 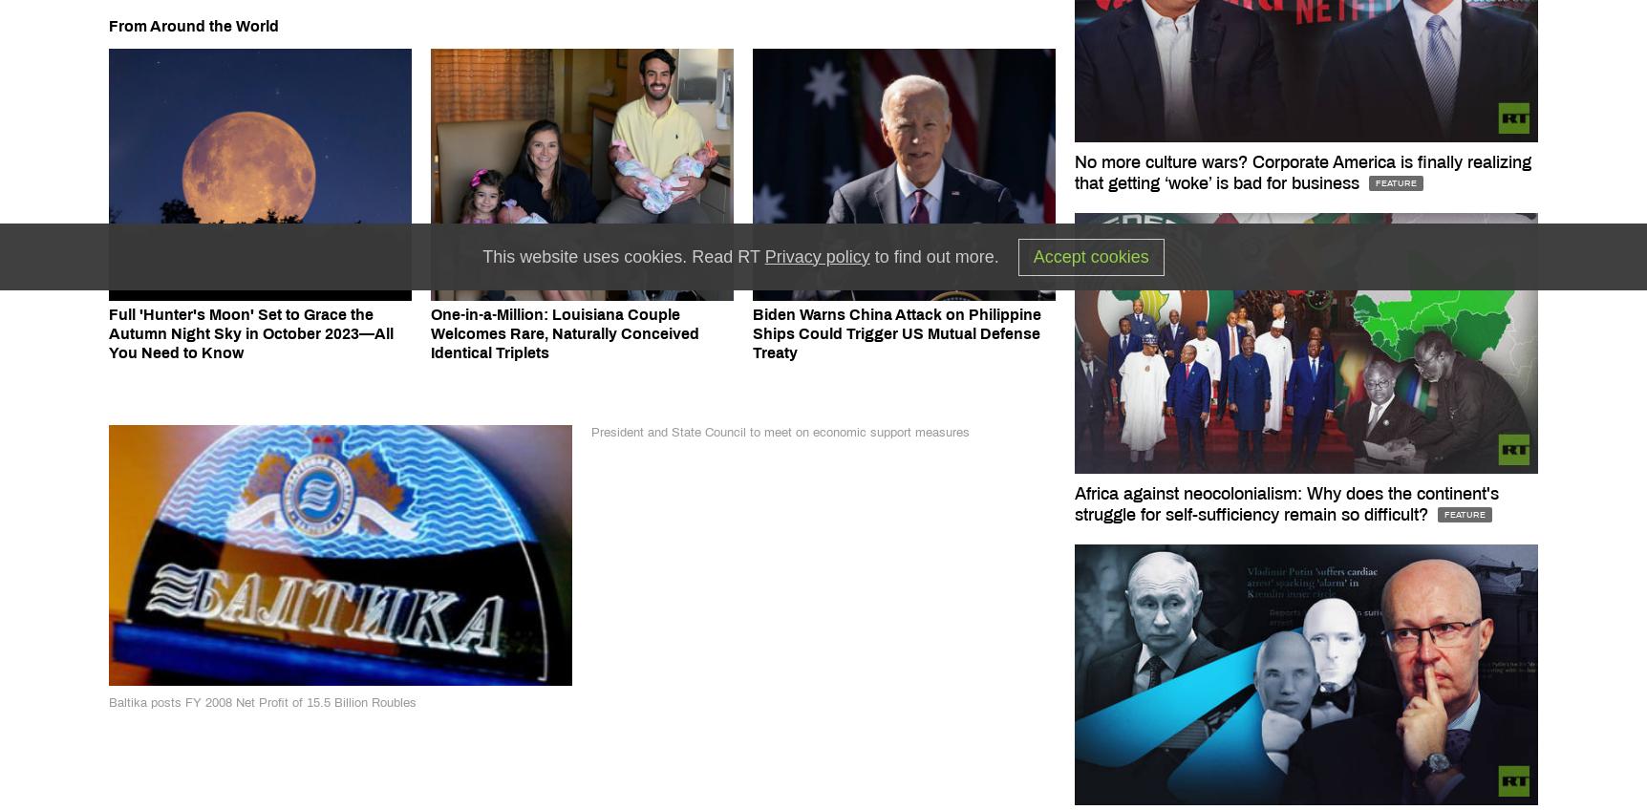 What do you see at coordinates (107, 25) in the screenshot?
I see `'From Around the World'` at bounding box center [107, 25].